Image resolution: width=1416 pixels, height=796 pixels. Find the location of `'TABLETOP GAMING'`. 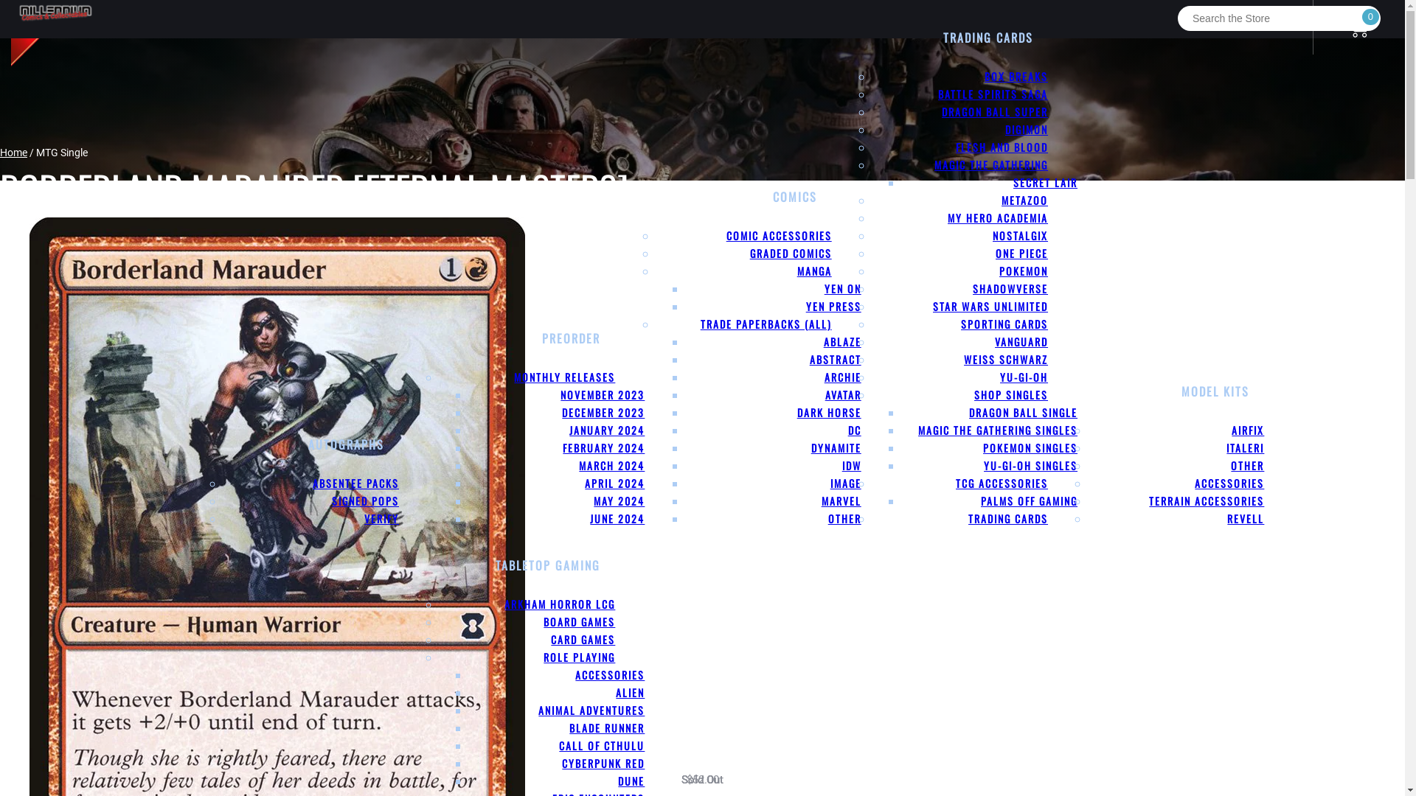

'TABLETOP GAMING' is located at coordinates (549, 565).